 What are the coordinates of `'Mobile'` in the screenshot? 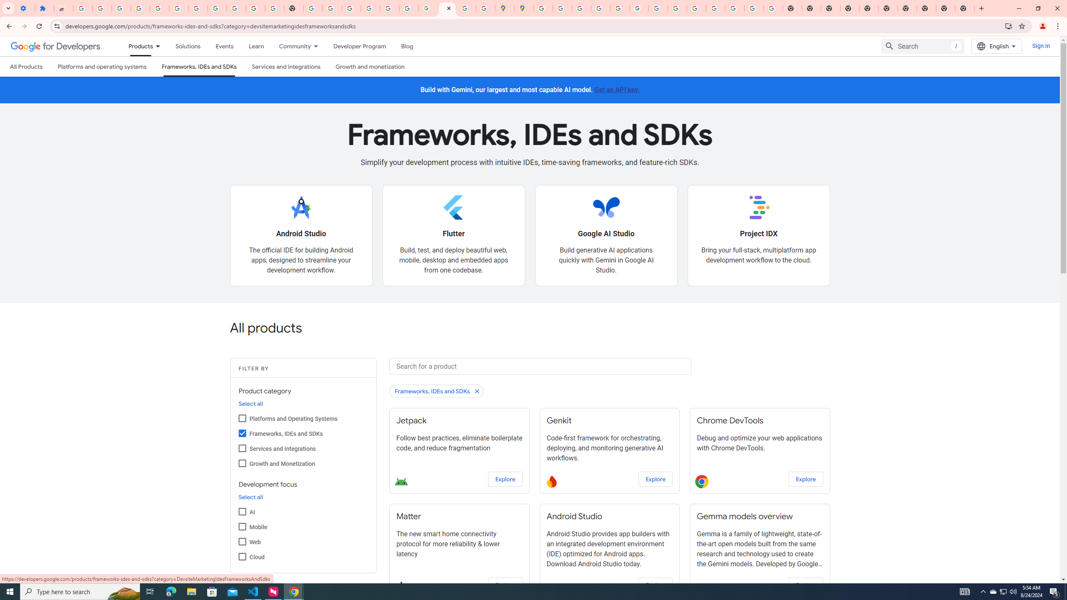 It's located at (242, 526).